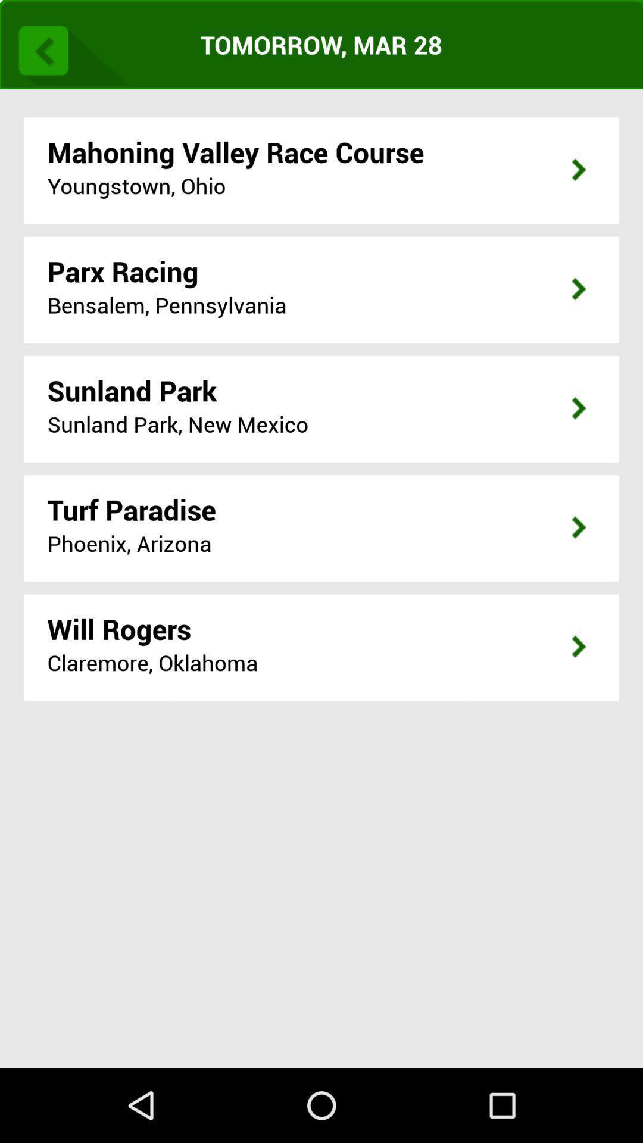  What do you see at coordinates (70, 48) in the screenshot?
I see `item above the mahoning valley race item` at bounding box center [70, 48].